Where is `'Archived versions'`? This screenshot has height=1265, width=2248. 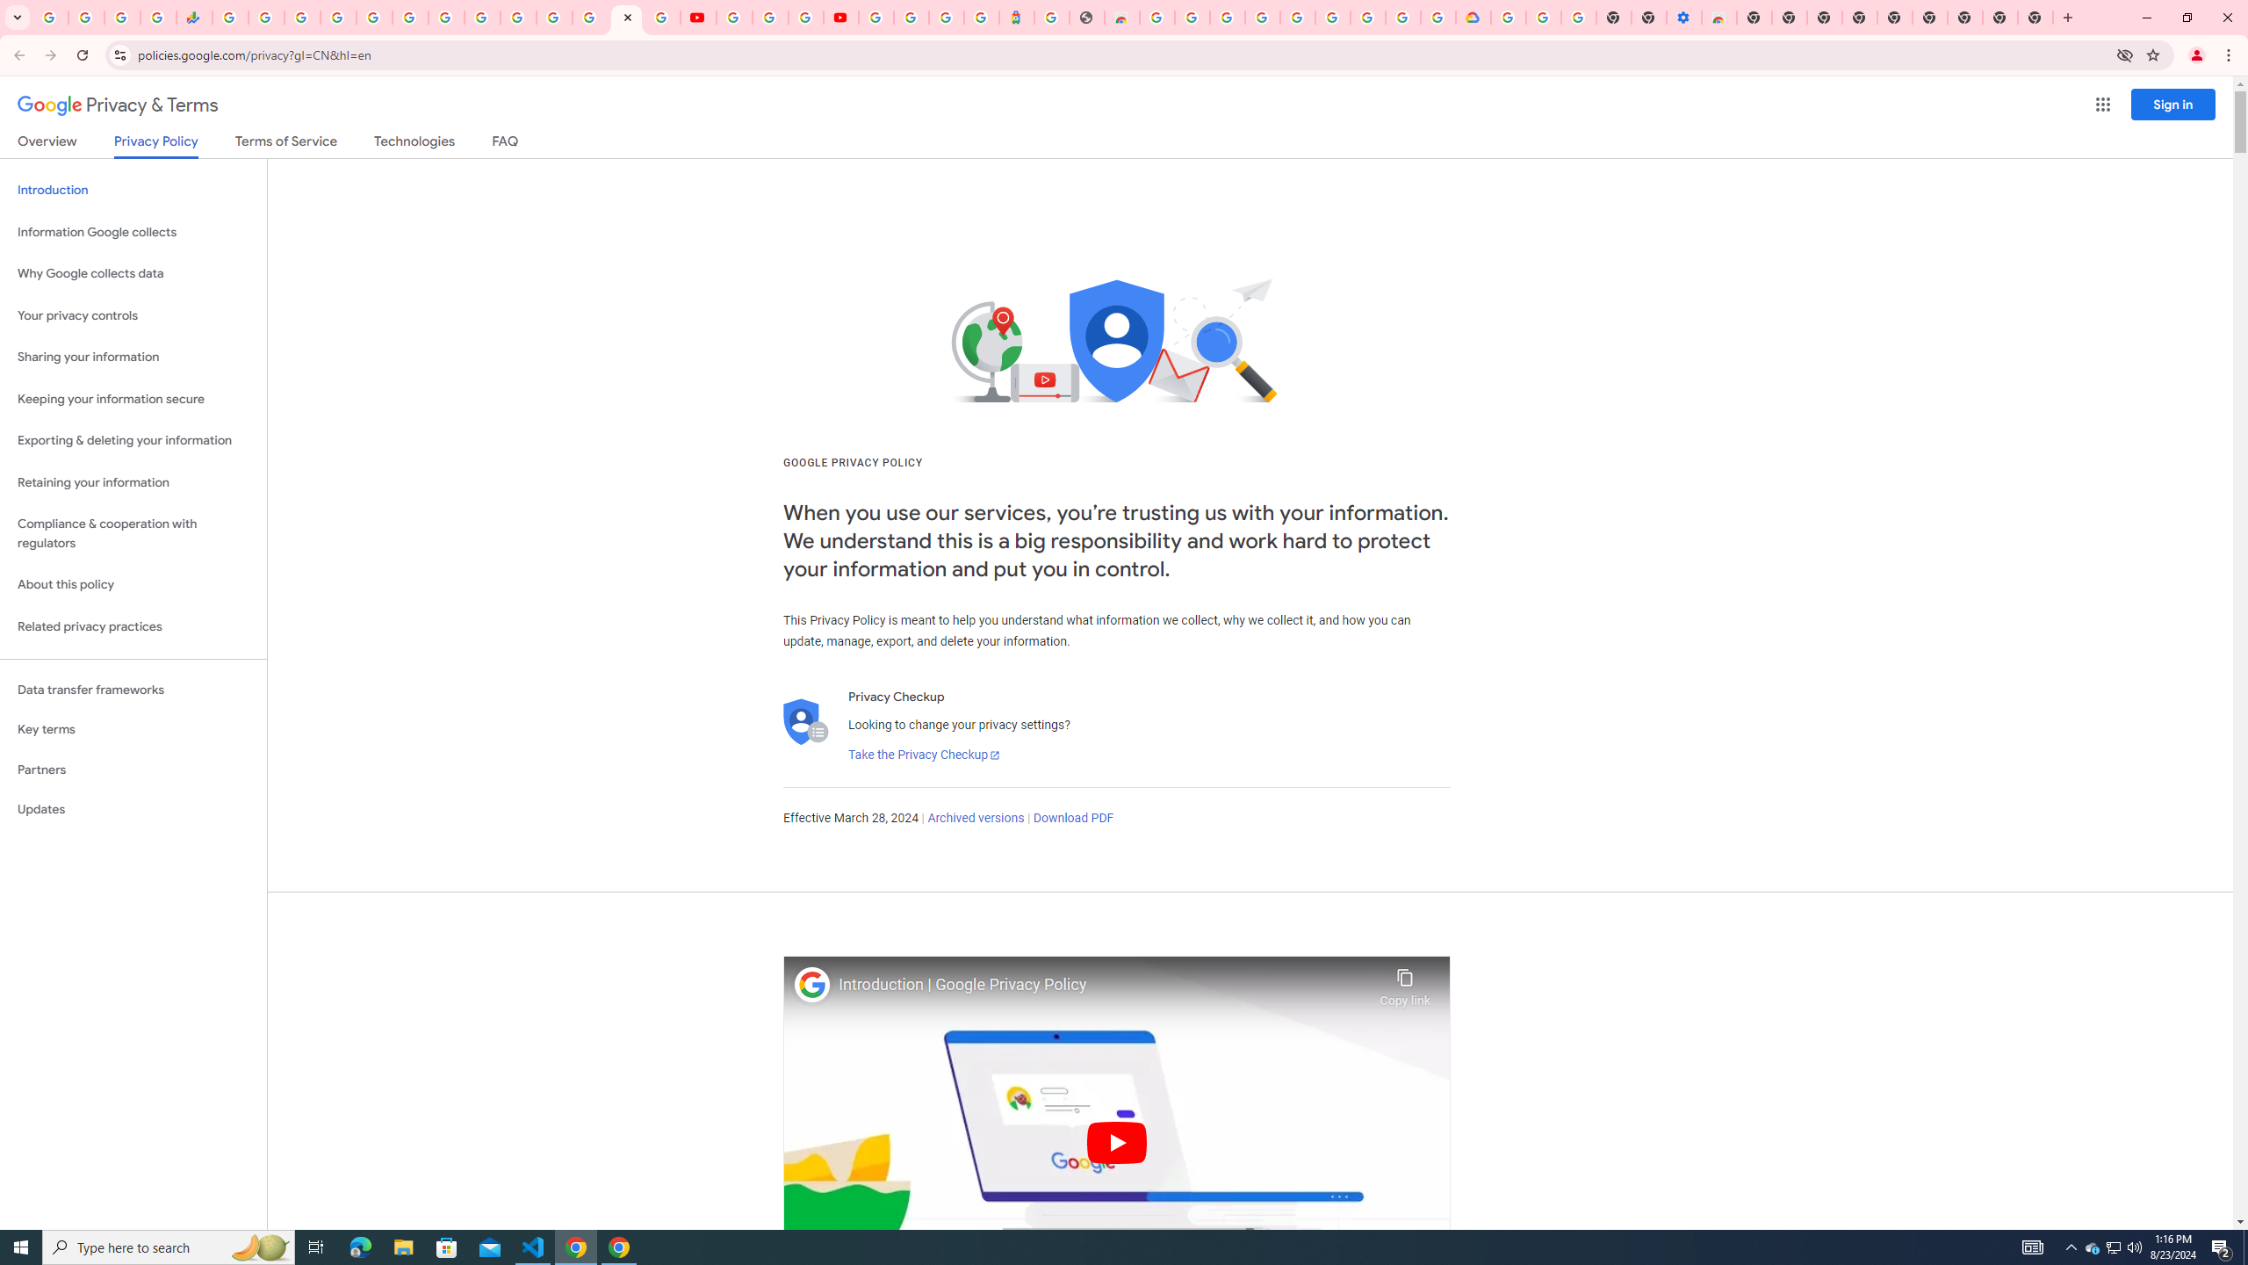 'Archived versions' is located at coordinates (975, 817).